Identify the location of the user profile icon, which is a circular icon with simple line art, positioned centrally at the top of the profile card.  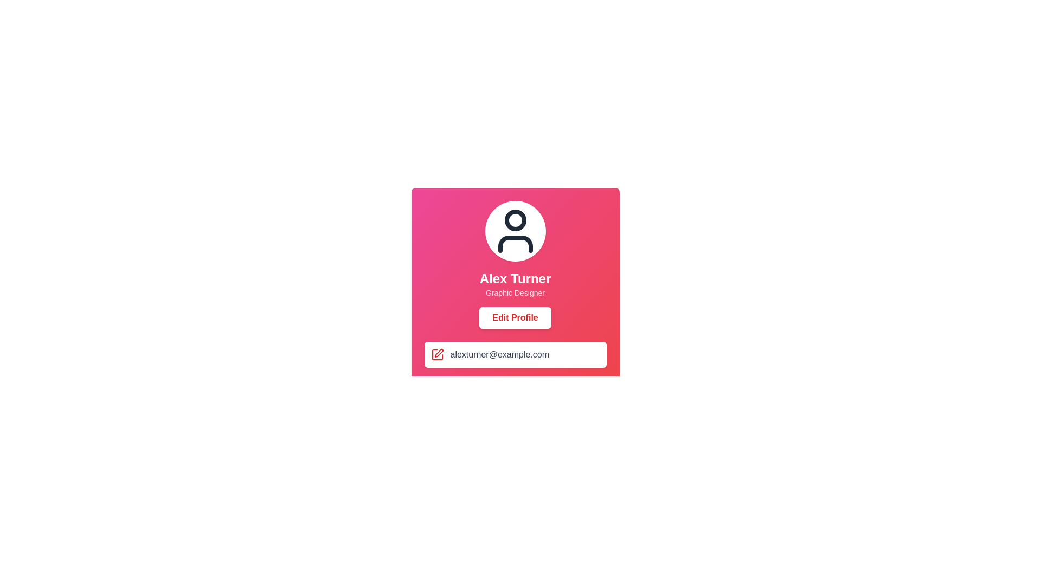
(515, 231).